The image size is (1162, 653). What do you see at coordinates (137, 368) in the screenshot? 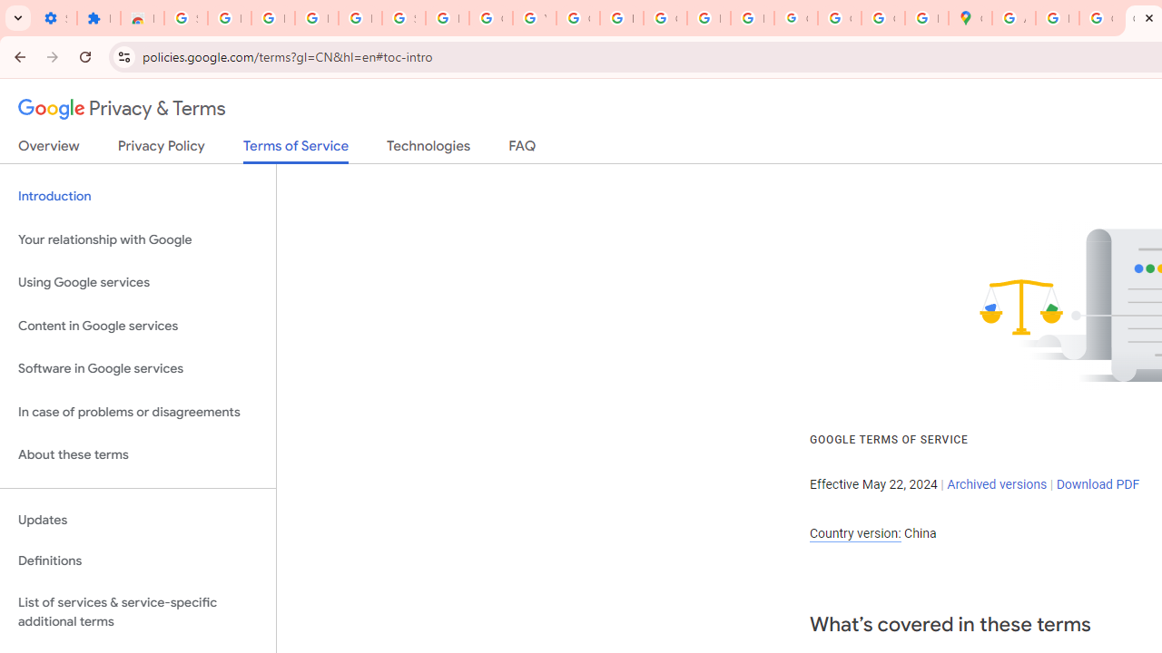
I see `'Software in Google services'` at bounding box center [137, 368].